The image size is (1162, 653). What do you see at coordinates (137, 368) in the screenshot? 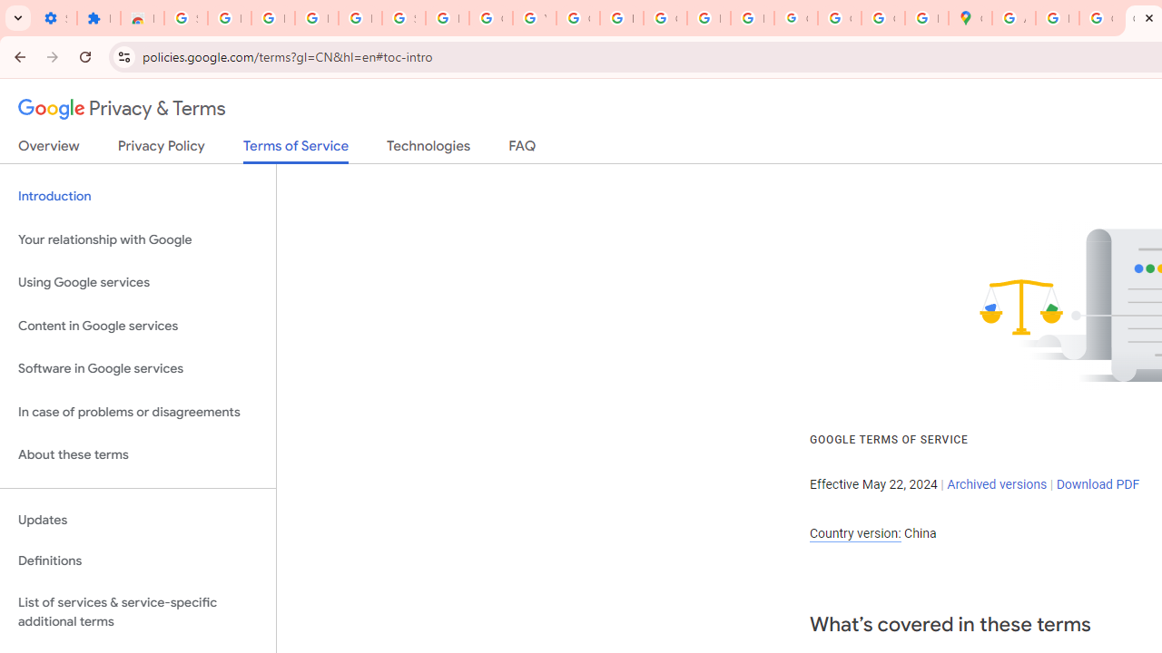
I see `'Software in Google services'` at bounding box center [137, 368].